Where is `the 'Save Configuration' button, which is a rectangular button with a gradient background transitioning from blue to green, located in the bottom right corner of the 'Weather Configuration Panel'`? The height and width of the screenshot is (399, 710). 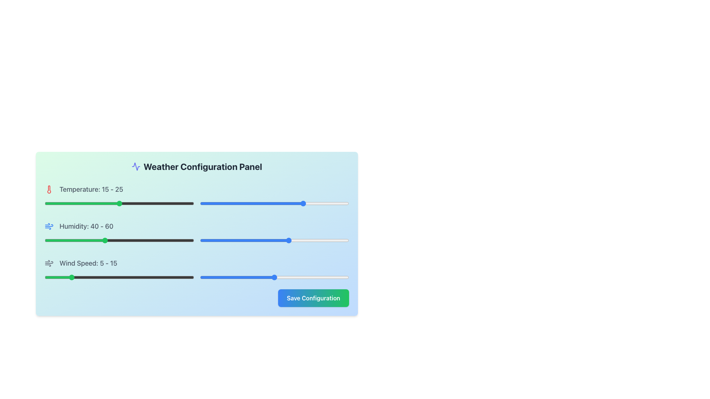 the 'Save Configuration' button, which is a rectangular button with a gradient background transitioning from blue to green, located in the bottom right corner of the 'Weather Configuration Panel' is located at coordinates (313, 297).